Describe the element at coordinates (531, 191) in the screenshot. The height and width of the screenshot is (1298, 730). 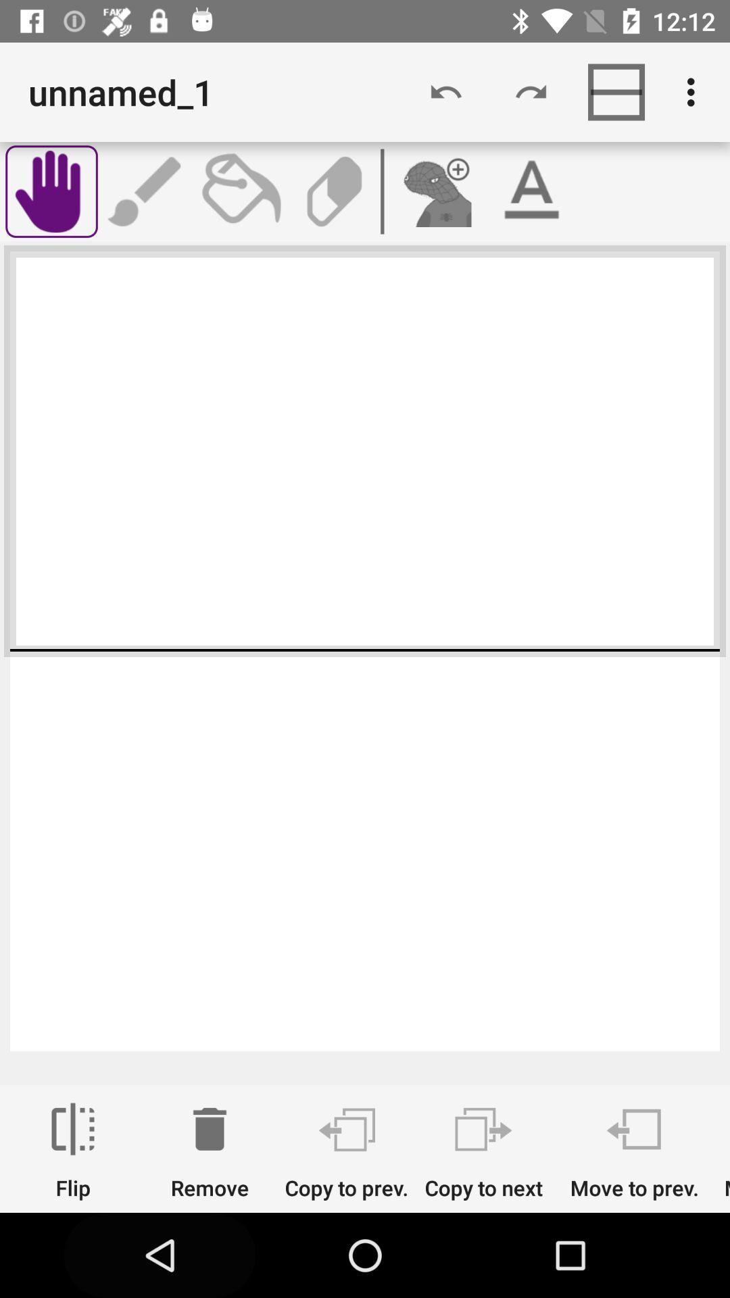
I see `underline a word` at that location.